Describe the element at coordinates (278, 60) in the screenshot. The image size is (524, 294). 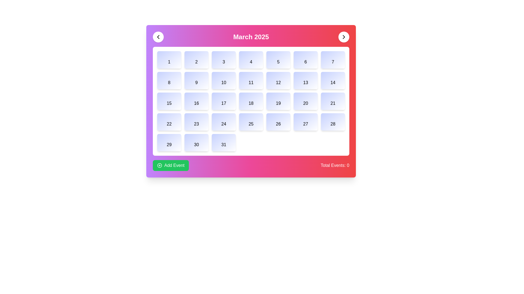
I see `the button representing the 5th day of the calendar month` at that location.